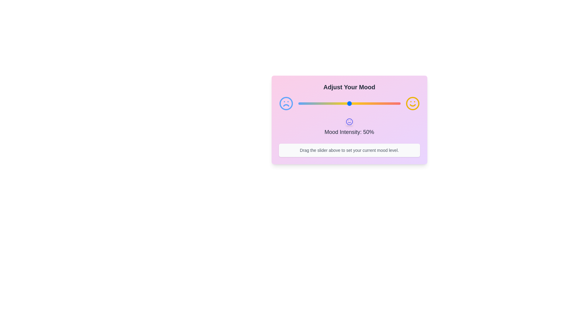 The image size is (584, 328). I want to click on the smiley icon to observe visual effects, so click(412, 103).